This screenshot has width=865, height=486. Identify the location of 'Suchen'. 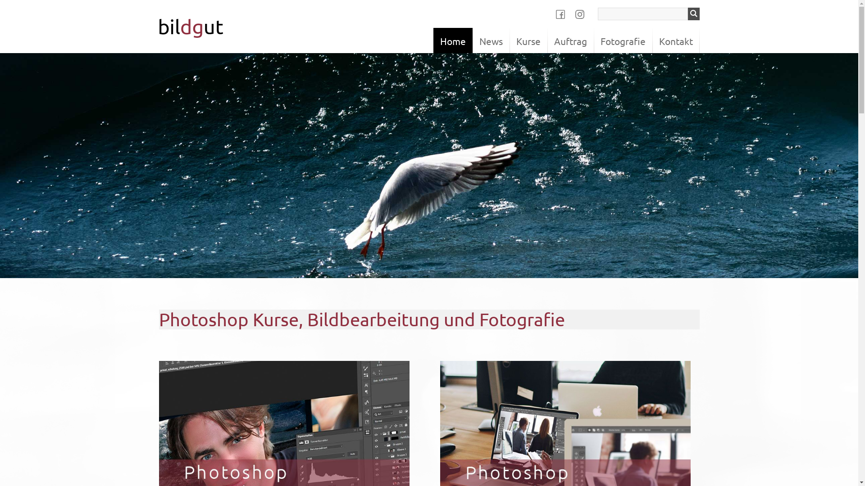
(693, 13).